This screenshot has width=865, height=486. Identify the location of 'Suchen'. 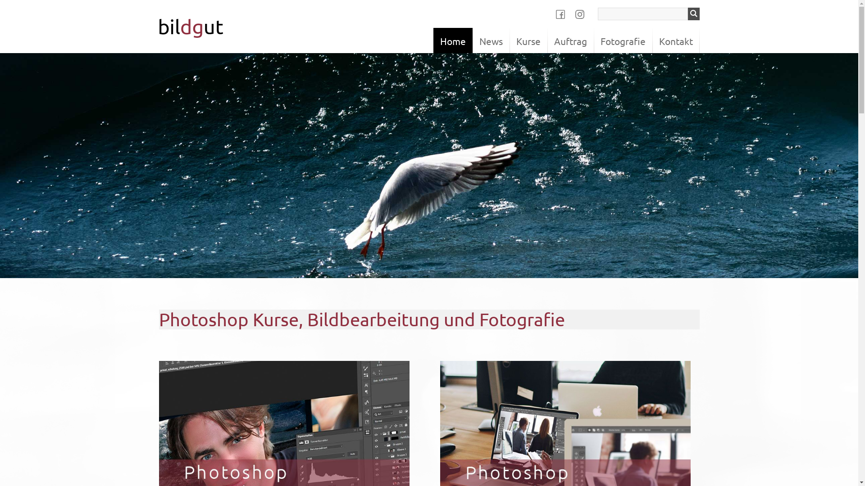
(693, 13).